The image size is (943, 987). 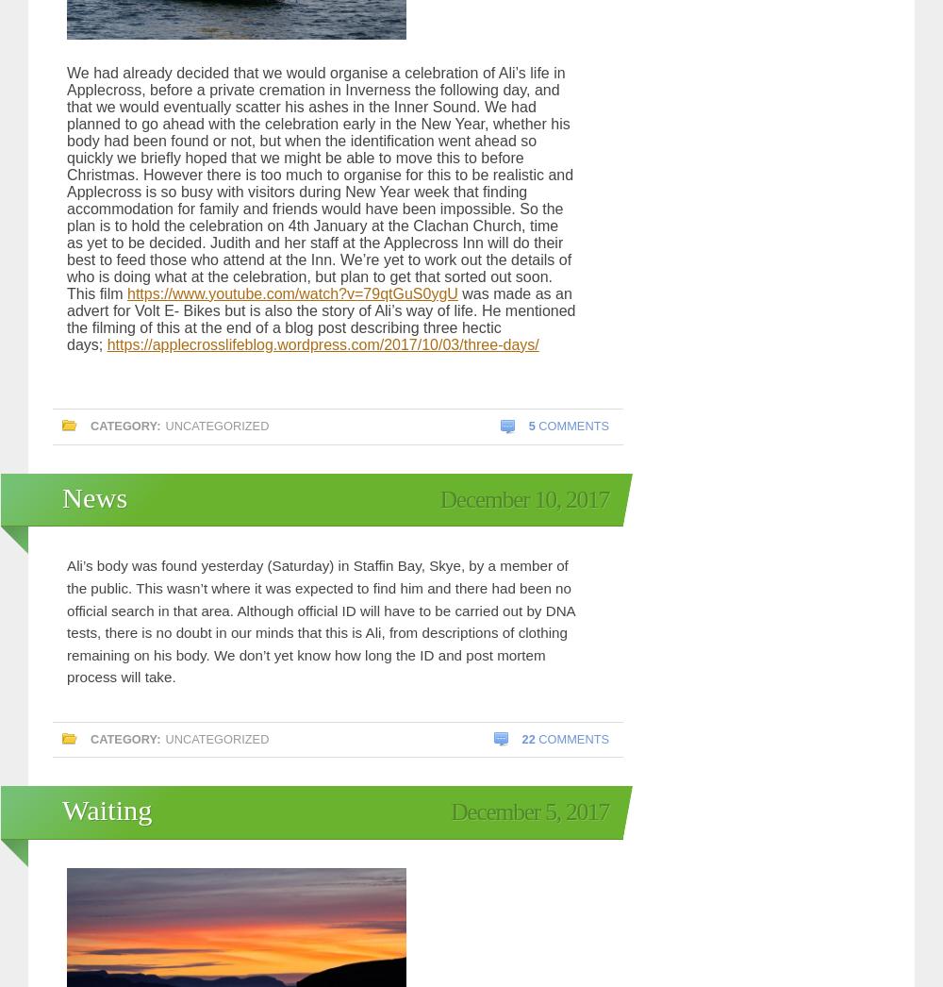 I want to click on ') in Staffin Bay, Skye, by a member of the public. This wasn’t where it was expected to find him and there had been no official search in that area. Although official ID will have to be carried out by DNA tests, there is no doubt in our minds that this is Ali, from descriptions of clothing remaining on his body. We don’t yet know how long the ID and post mortem process will take.', so click(x=320, y=620).